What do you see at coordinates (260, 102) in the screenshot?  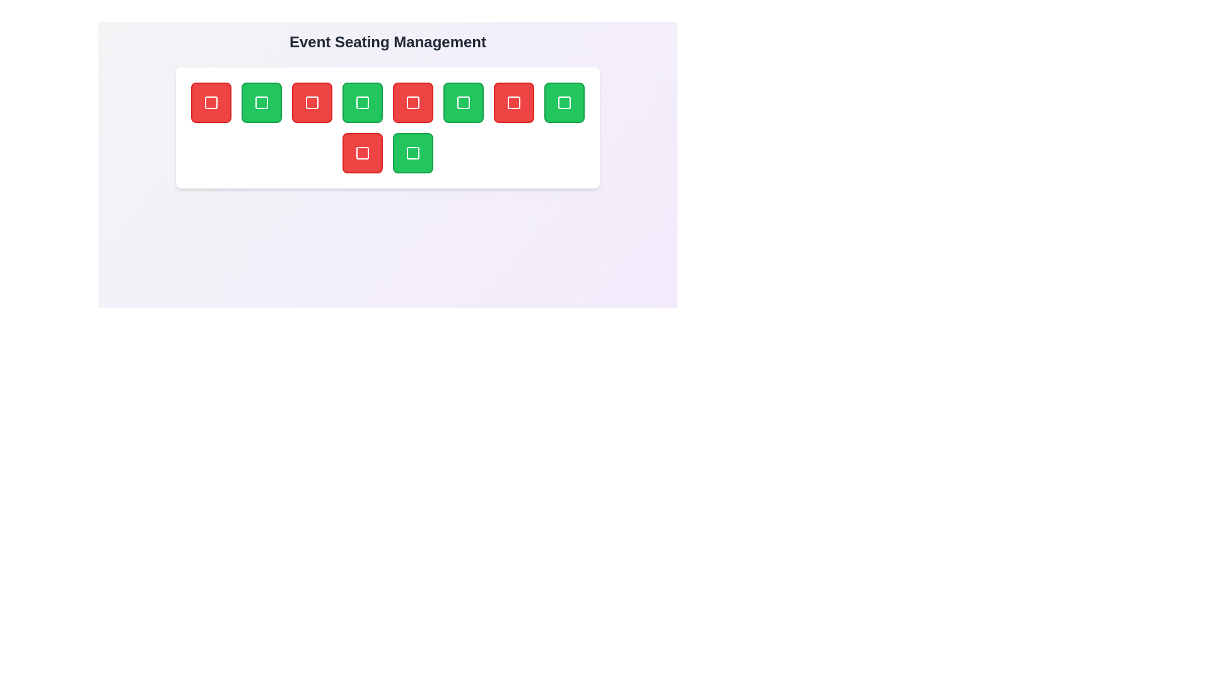 I see `the center icon of the available seat in the seating management grid, which is located within a rounded green box in the first row, second column labeled 'Seat 2'` at bounding box center [260, 102].